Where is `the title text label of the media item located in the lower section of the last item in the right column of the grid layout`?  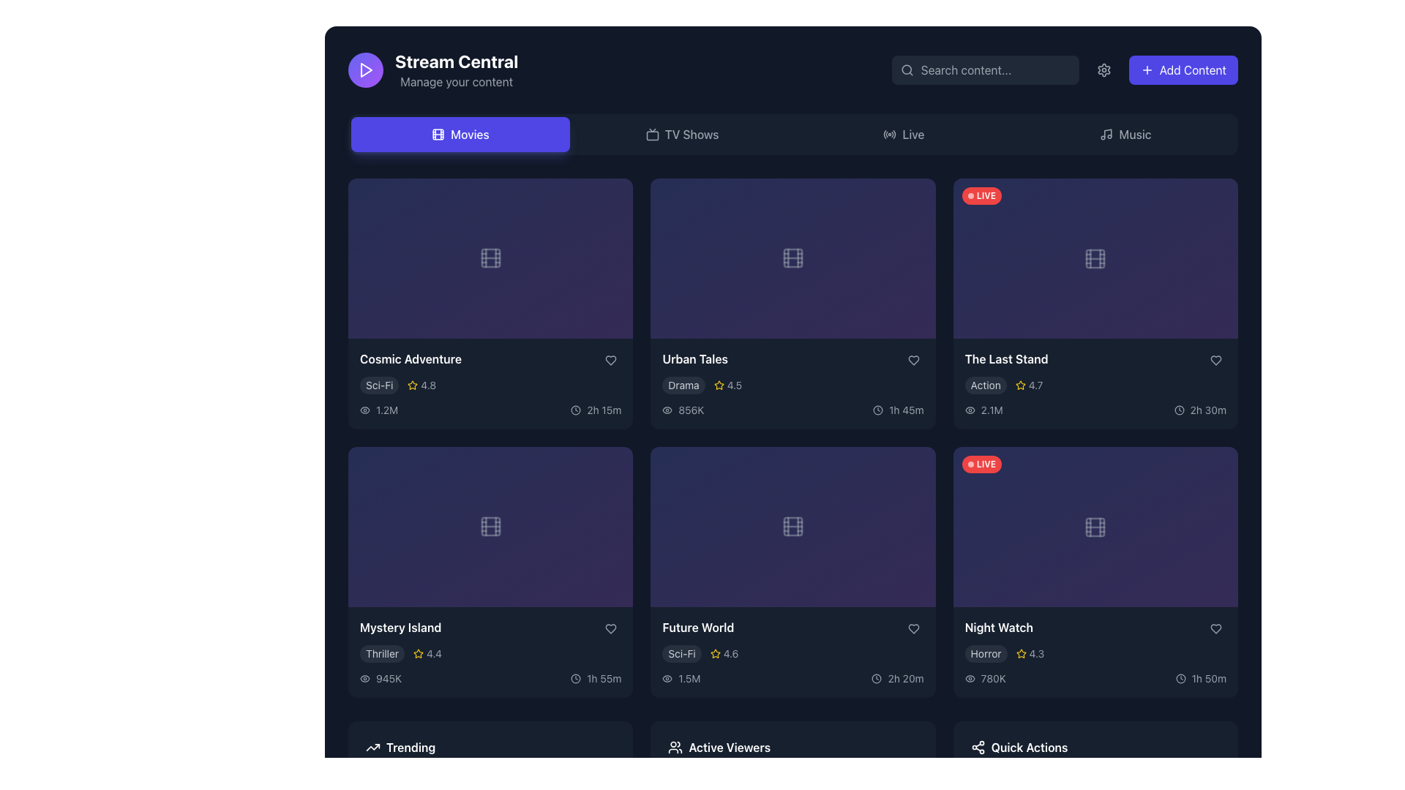
the title text label of the media item located in the lower section of the last item in the right column of the grid layout is located at coordinates (998, 626).